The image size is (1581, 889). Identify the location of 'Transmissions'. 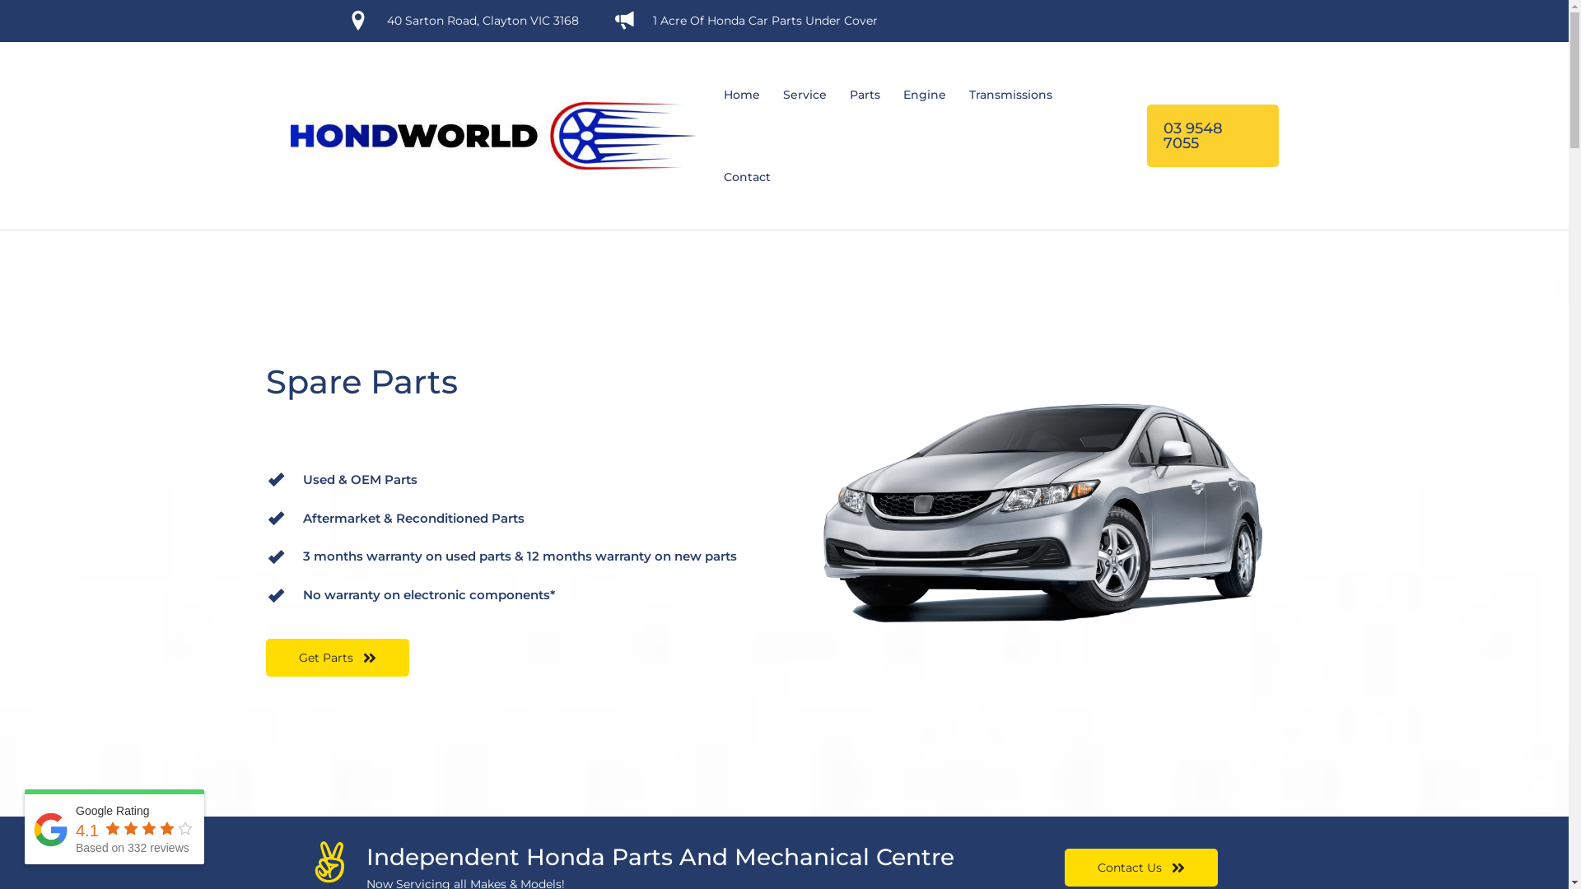
(956, 95).